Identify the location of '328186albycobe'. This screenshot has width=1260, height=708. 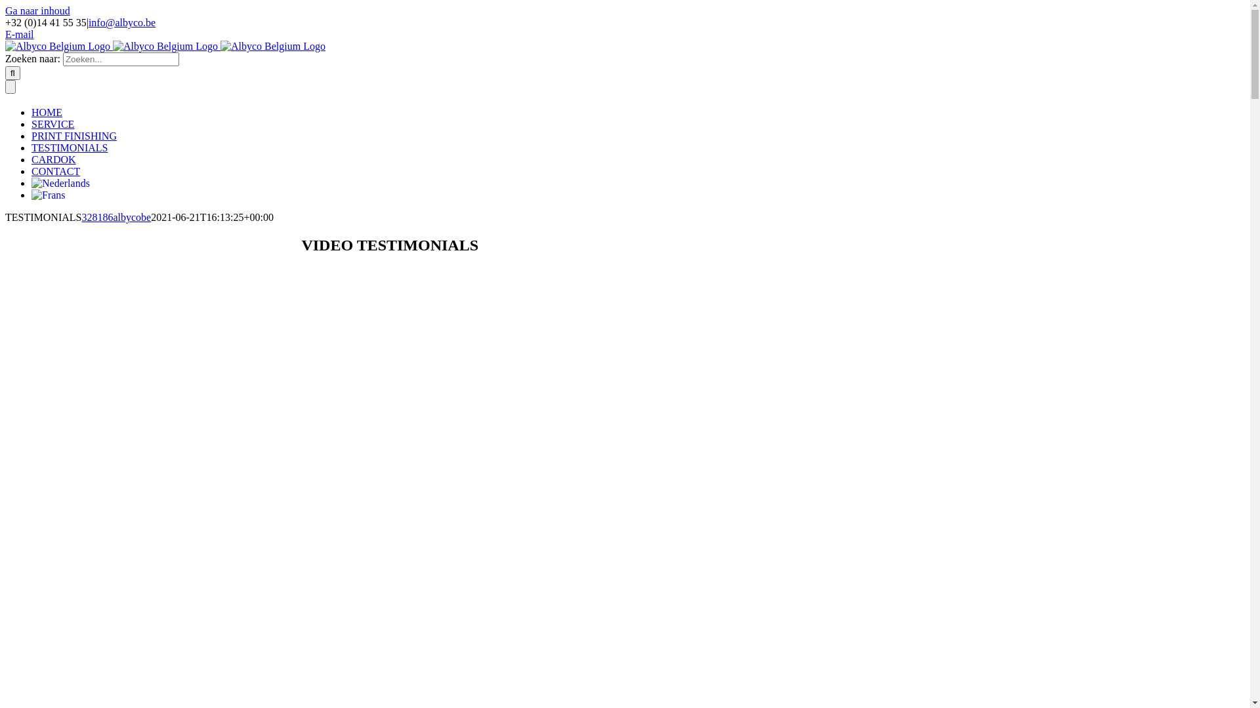
(116, 216).